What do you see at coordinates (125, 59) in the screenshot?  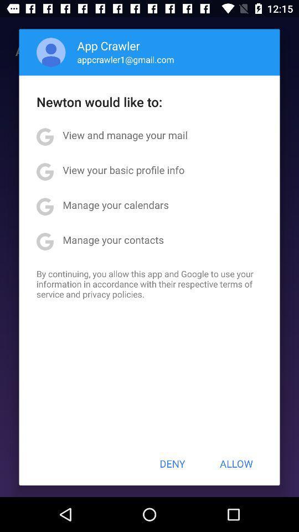 I see `the app above the newton would like item` at bounding box center [125, 59].